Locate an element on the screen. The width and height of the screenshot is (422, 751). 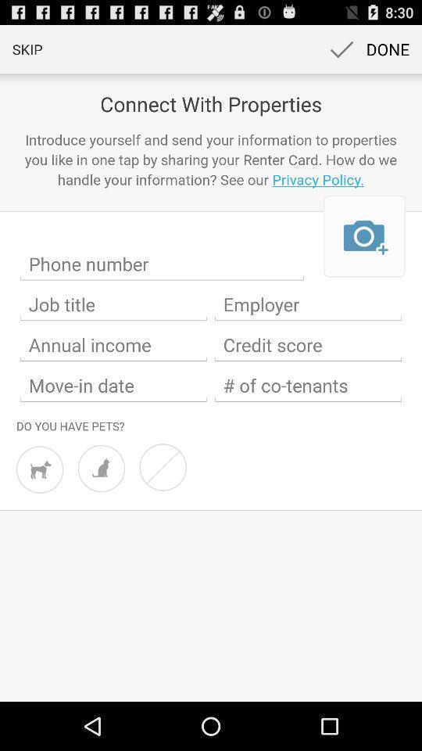
app below connect with properties item is located at coordinates (211, 160).